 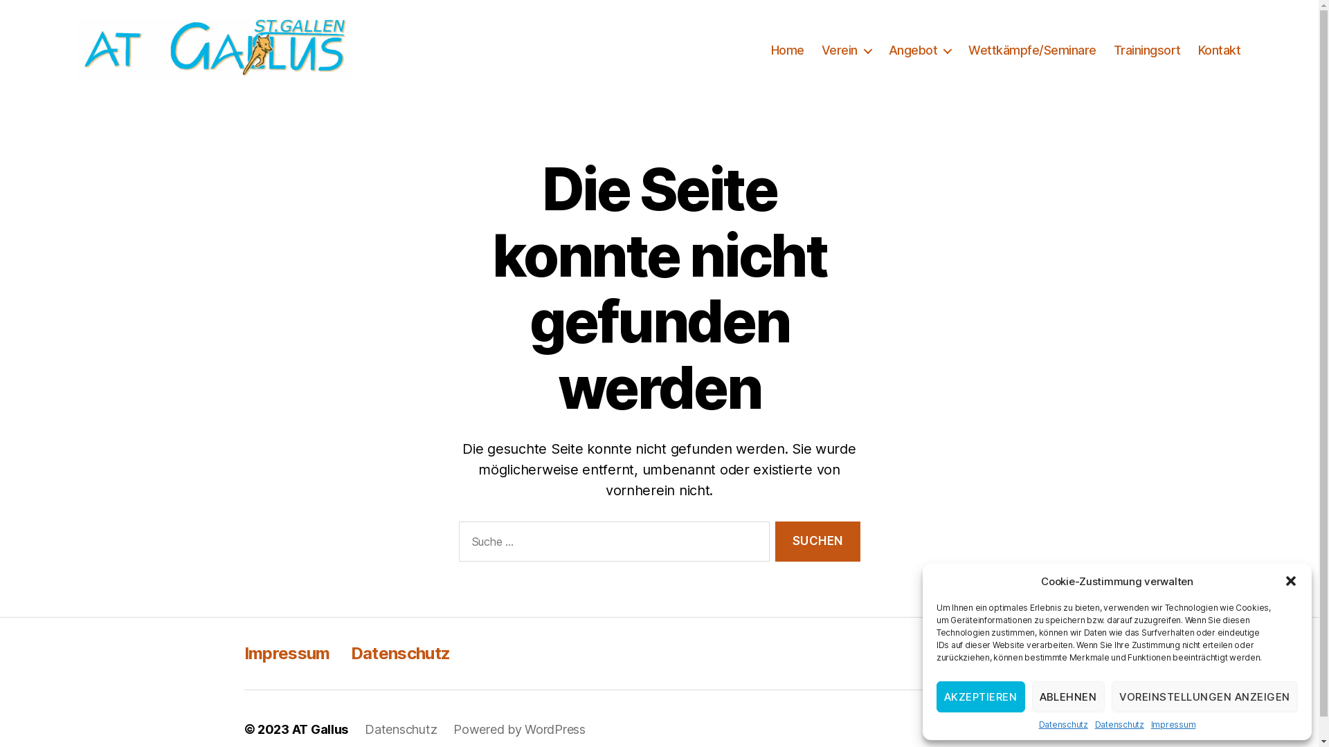 I want to click on 'Impressum', so click(x=285, y=653).